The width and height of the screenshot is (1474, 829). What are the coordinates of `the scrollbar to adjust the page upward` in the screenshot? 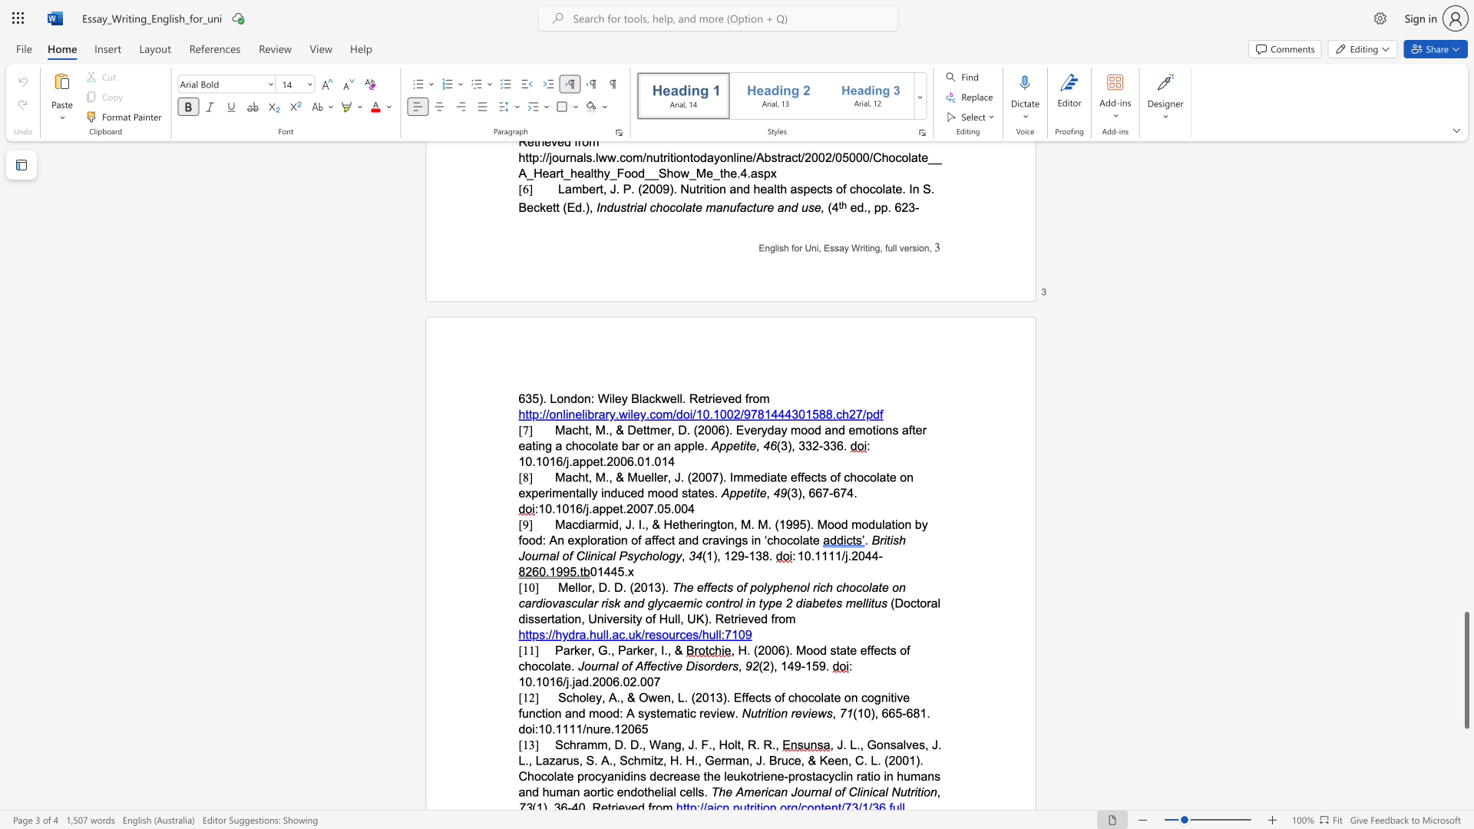 It's located at (1466, 275).